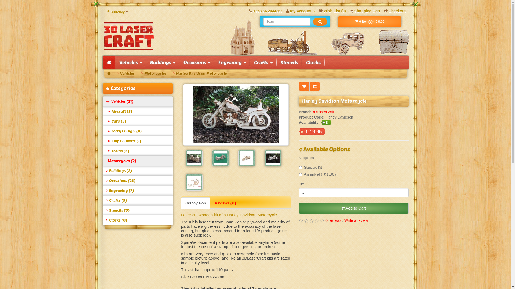 The height and width of the screenshot is (289, 515). Describe the element at coordinates (354, 208) in the screenshot. I see `'Add to Cart'` at that location.